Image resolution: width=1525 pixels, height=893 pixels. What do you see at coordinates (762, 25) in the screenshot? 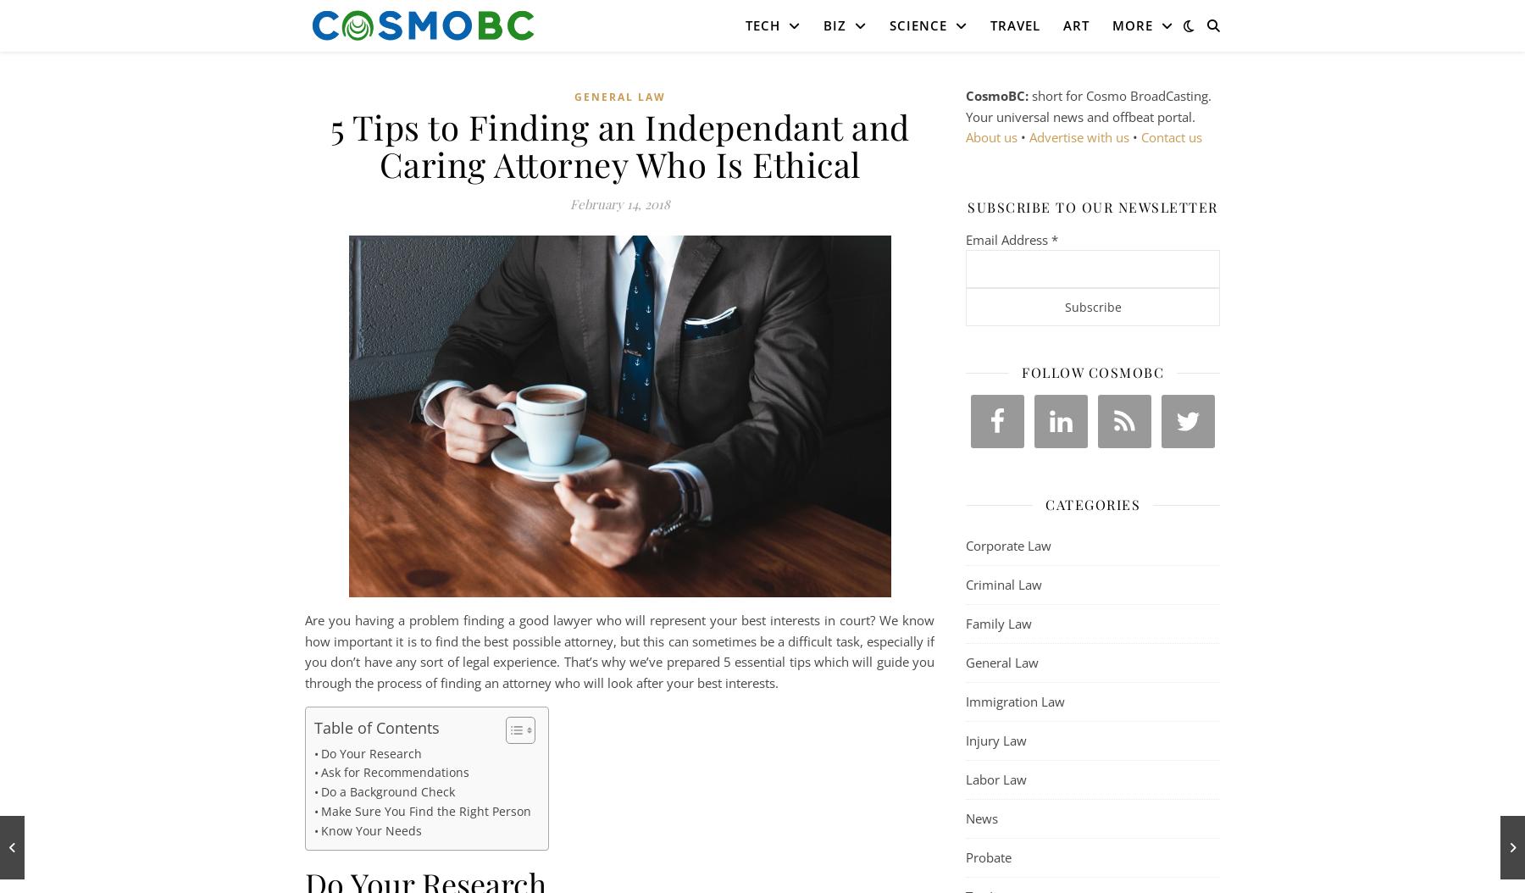
I see `'Tech'` at bounding box center [762, 25].